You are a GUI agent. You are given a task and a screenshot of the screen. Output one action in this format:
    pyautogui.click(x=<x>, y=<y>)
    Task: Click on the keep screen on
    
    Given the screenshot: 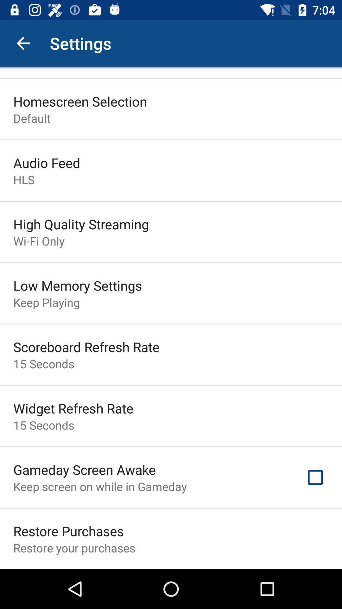 What is the action you would take?
    pyautogui.click(x=100, y=486)
    